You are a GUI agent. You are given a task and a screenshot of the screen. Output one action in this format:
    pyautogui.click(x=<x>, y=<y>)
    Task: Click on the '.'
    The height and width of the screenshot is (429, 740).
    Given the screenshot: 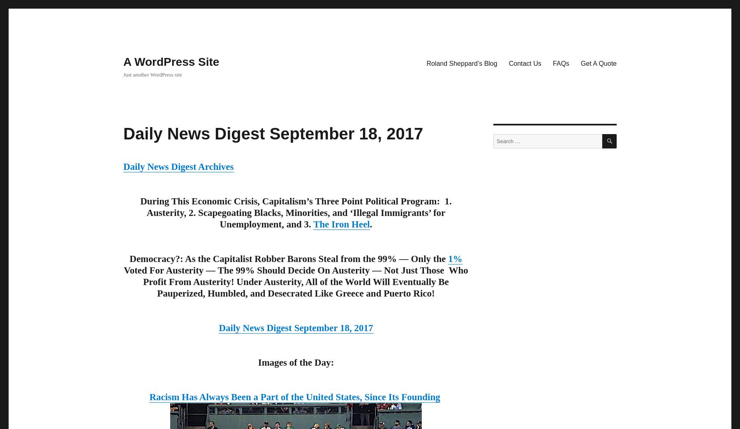 What is the action you would take?
    pyautogui.click(x=370, y=224)
    